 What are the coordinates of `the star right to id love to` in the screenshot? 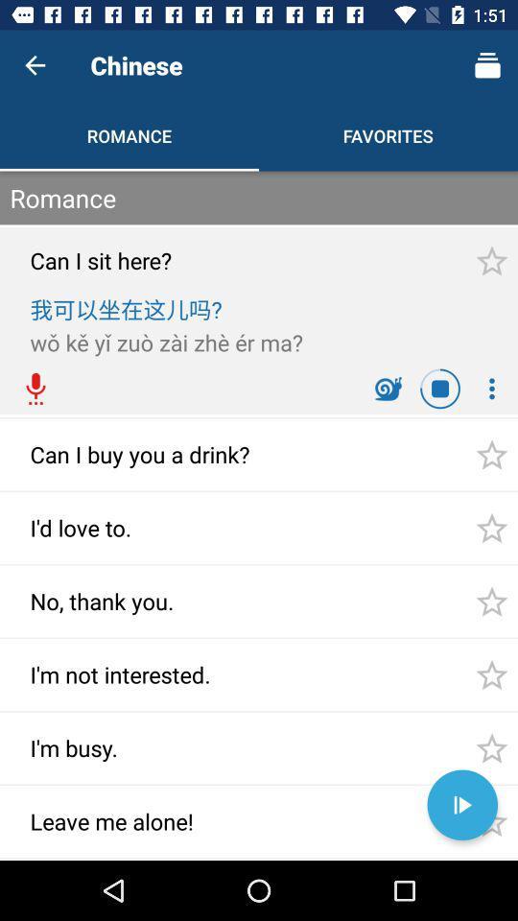 It's located at (492, 528).